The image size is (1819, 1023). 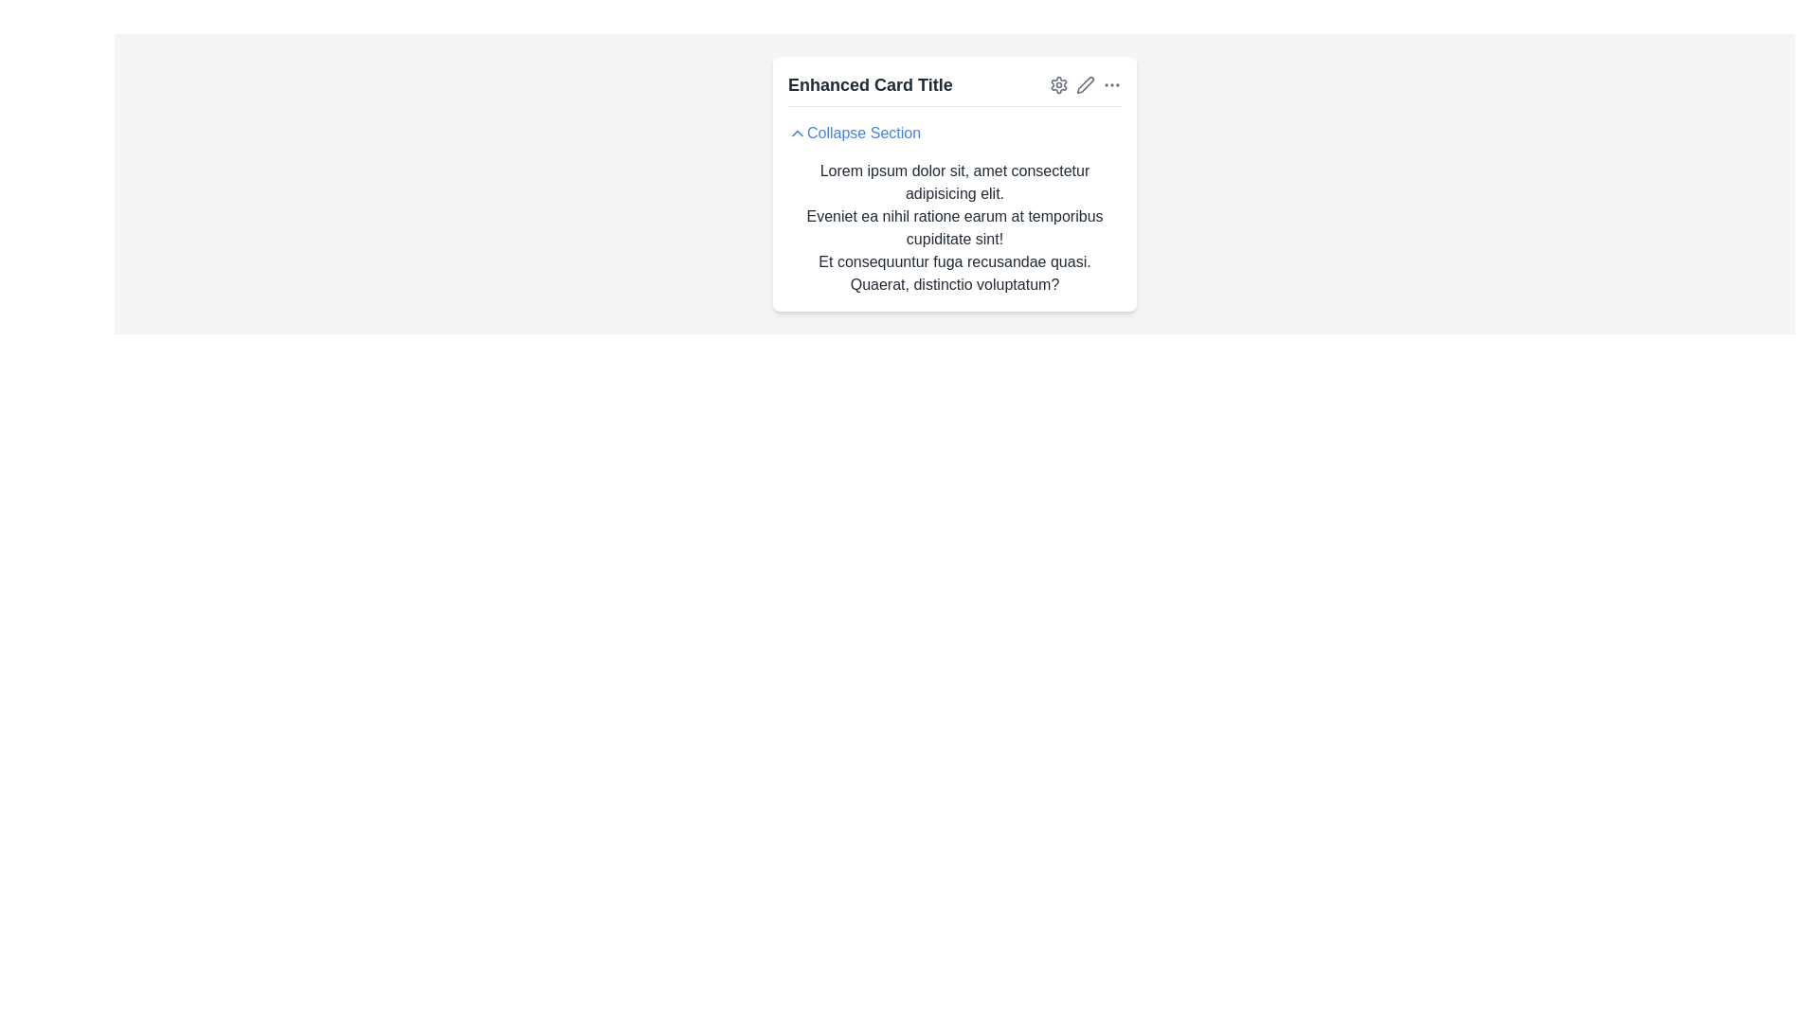 What do you see at coordinates (1058, 83) in the screenshot?
I see `the gear-shaped icon in the top-right section of the card interface` at bounding box center [1058, 83].